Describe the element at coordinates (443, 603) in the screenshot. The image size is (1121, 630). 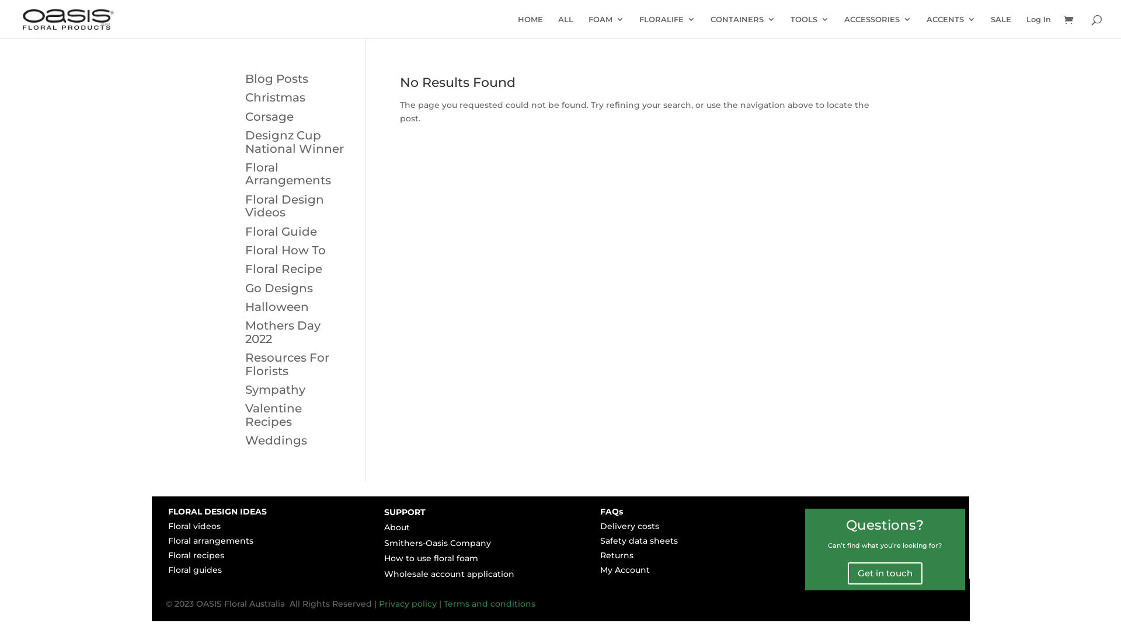
I see `'Terms and conditions'` at that location.